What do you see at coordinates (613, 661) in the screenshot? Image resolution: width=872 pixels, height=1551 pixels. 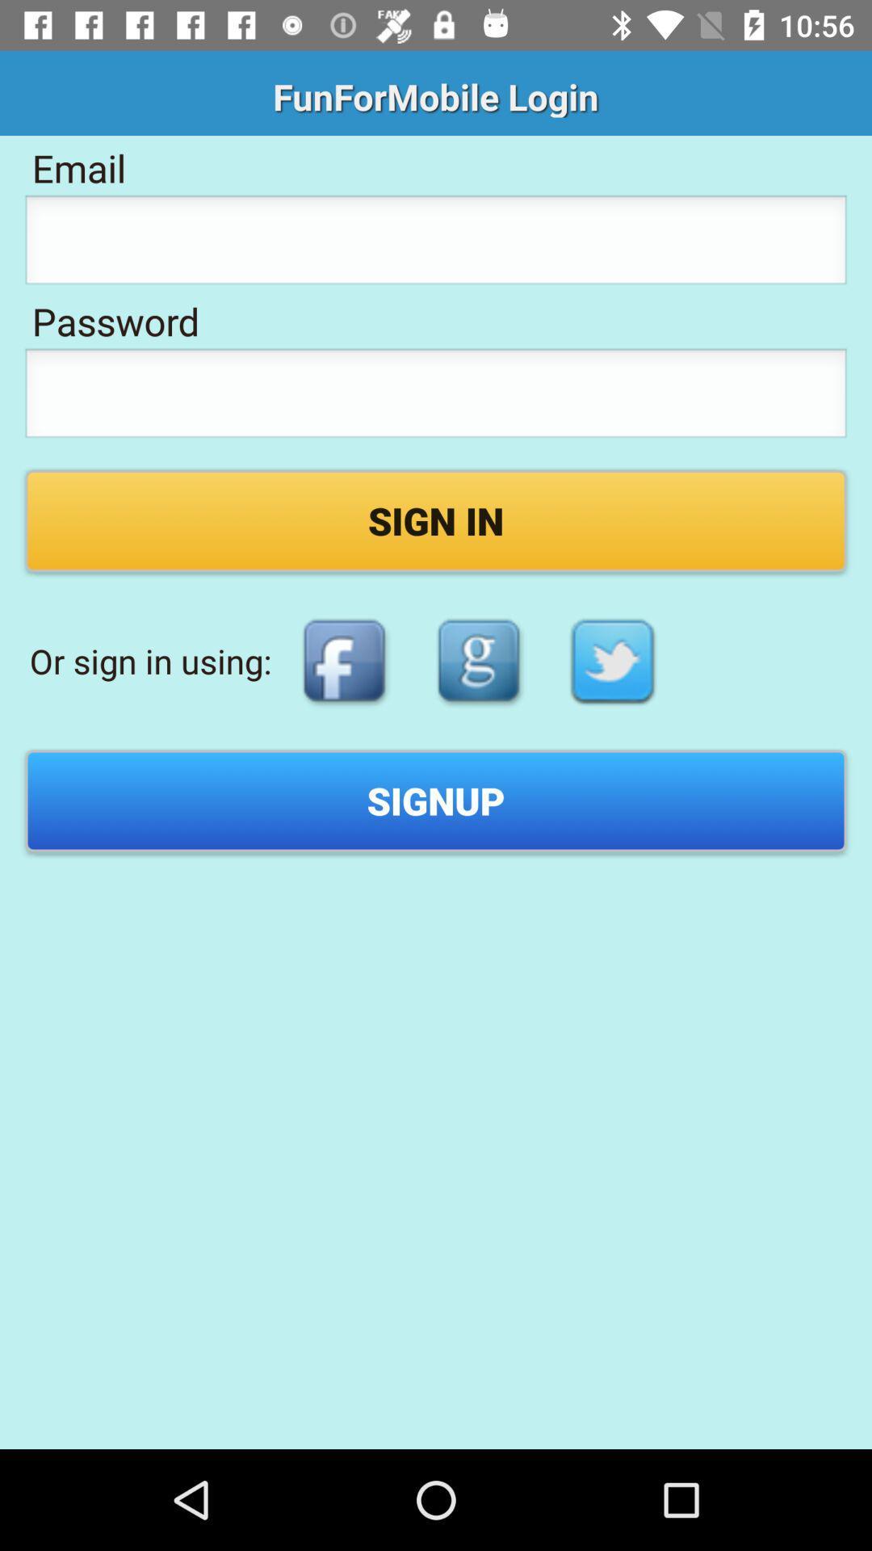 I see `icon below sign in item` at bounding box center [613, 661].